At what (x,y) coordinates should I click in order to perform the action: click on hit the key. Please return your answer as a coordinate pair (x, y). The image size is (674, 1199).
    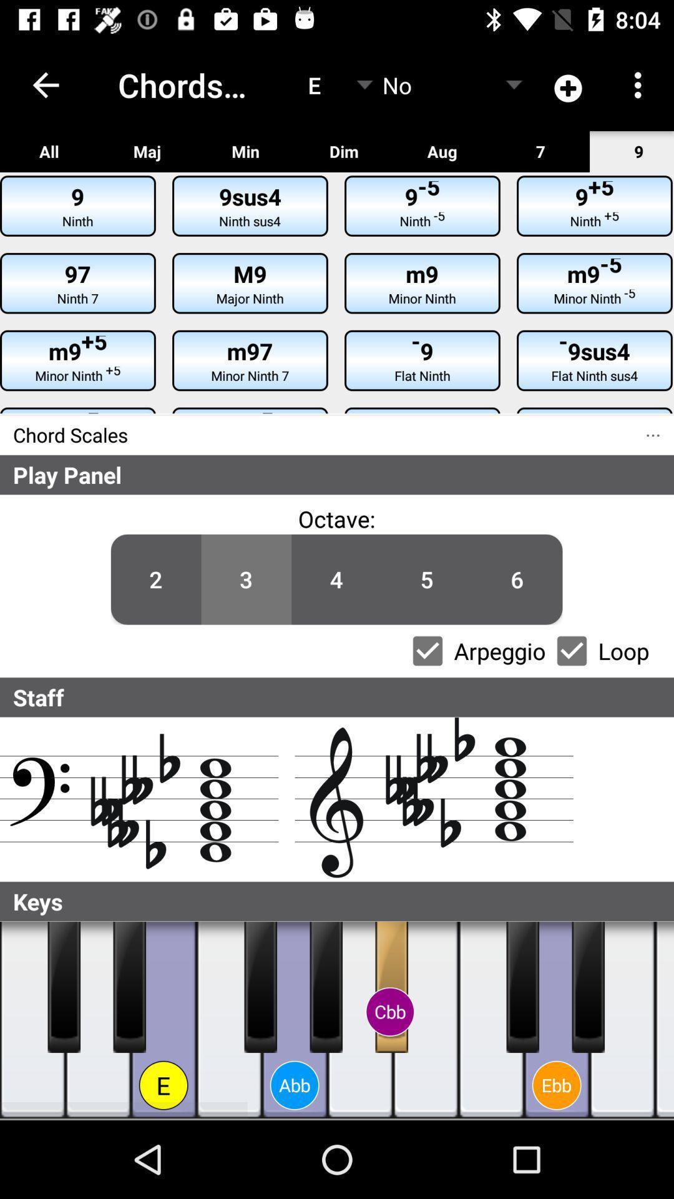
    Looking at the image, I should click on (360, 1020).